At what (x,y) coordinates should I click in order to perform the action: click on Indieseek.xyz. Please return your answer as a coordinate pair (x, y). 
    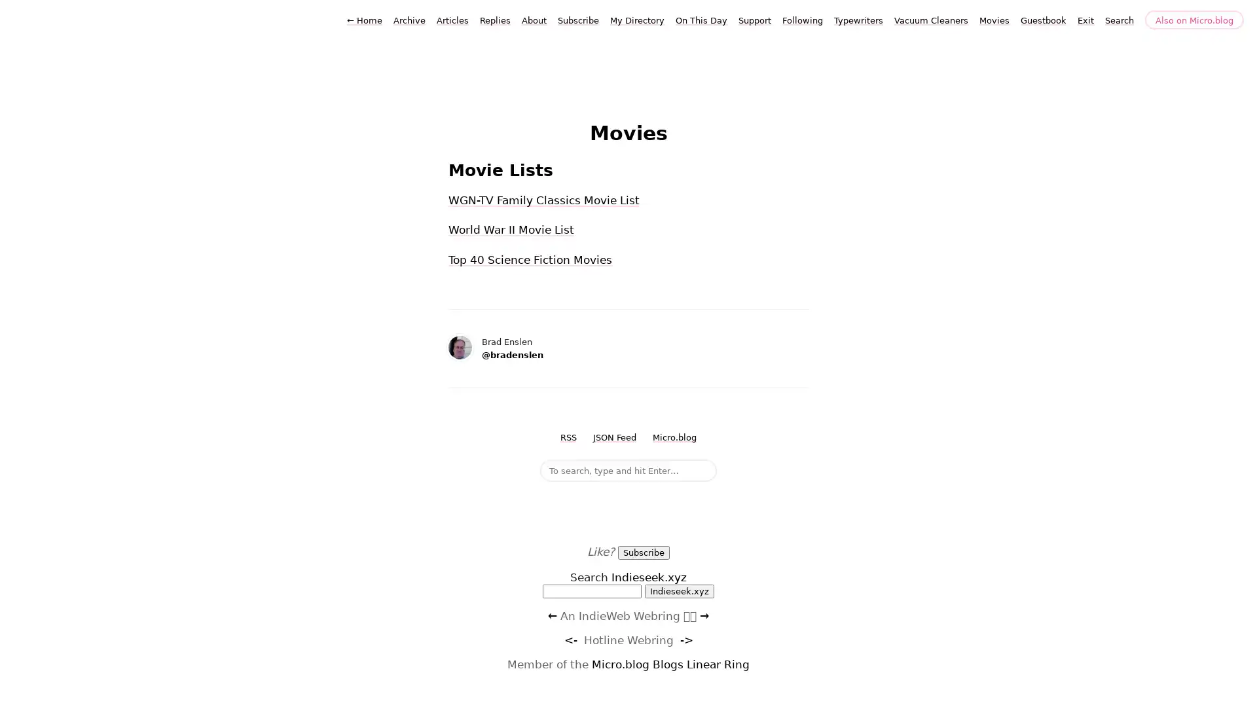
    Looking at the image, I should click on (679, 591).